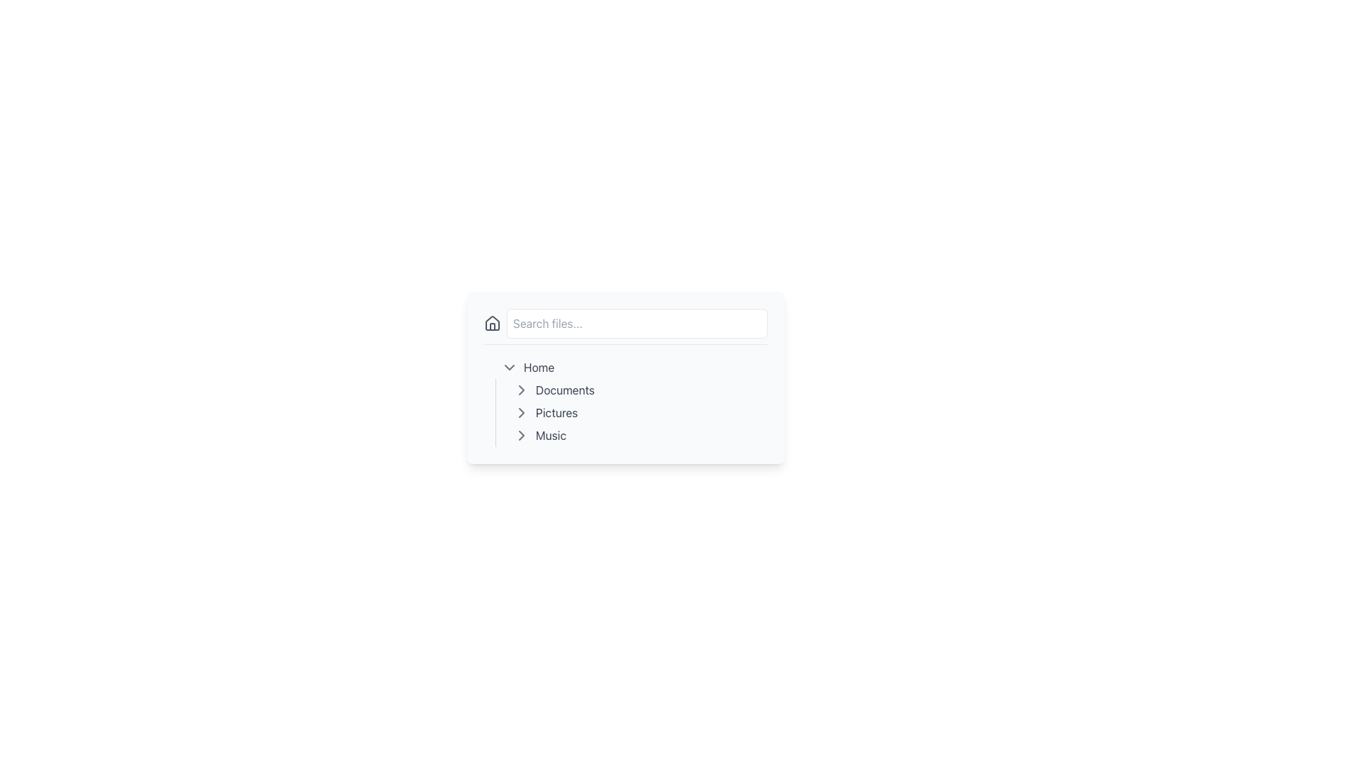  Describe the element at coordinates (520, 434) in the screenshot. I see `the chevron icon located to the immediate left of the 'Music' label in the file navigation menu` at that location.